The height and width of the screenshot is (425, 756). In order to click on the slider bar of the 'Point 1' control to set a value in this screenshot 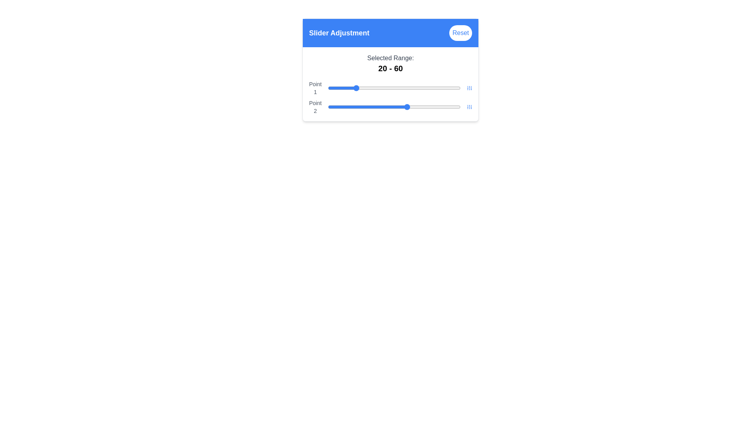, I will do `click(391, 88)`.